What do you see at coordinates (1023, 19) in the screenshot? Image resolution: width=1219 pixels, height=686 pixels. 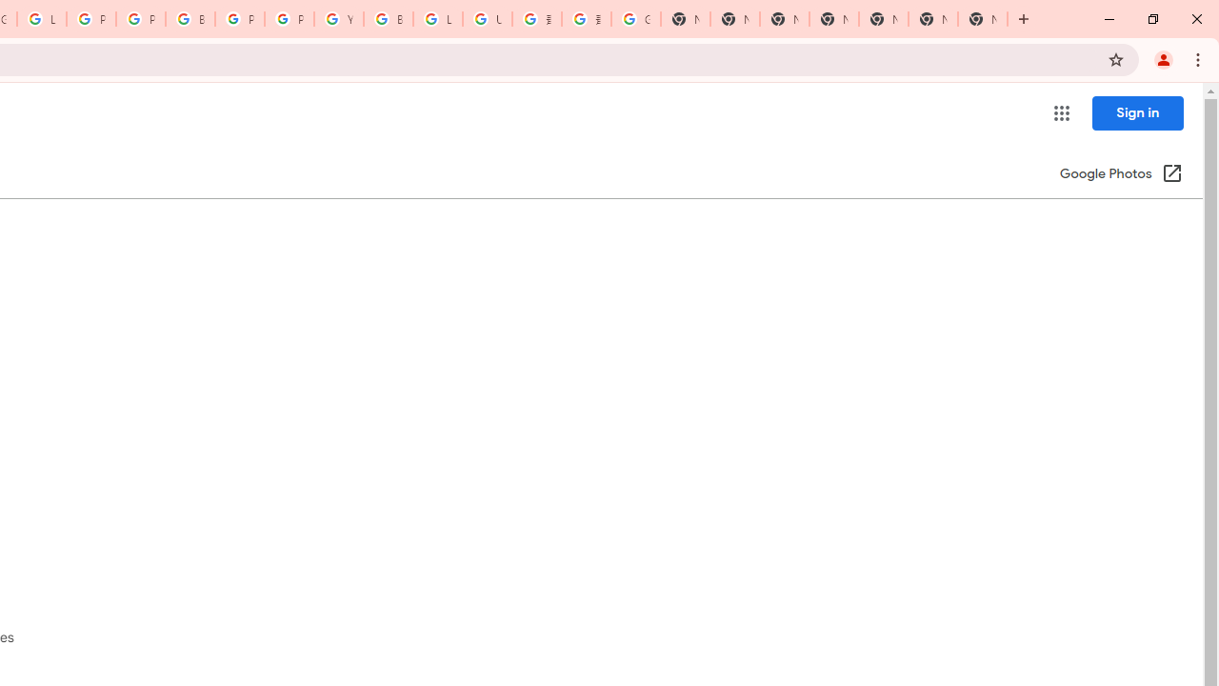 I see `'New Tab'` at bounding box center [1023, 19].